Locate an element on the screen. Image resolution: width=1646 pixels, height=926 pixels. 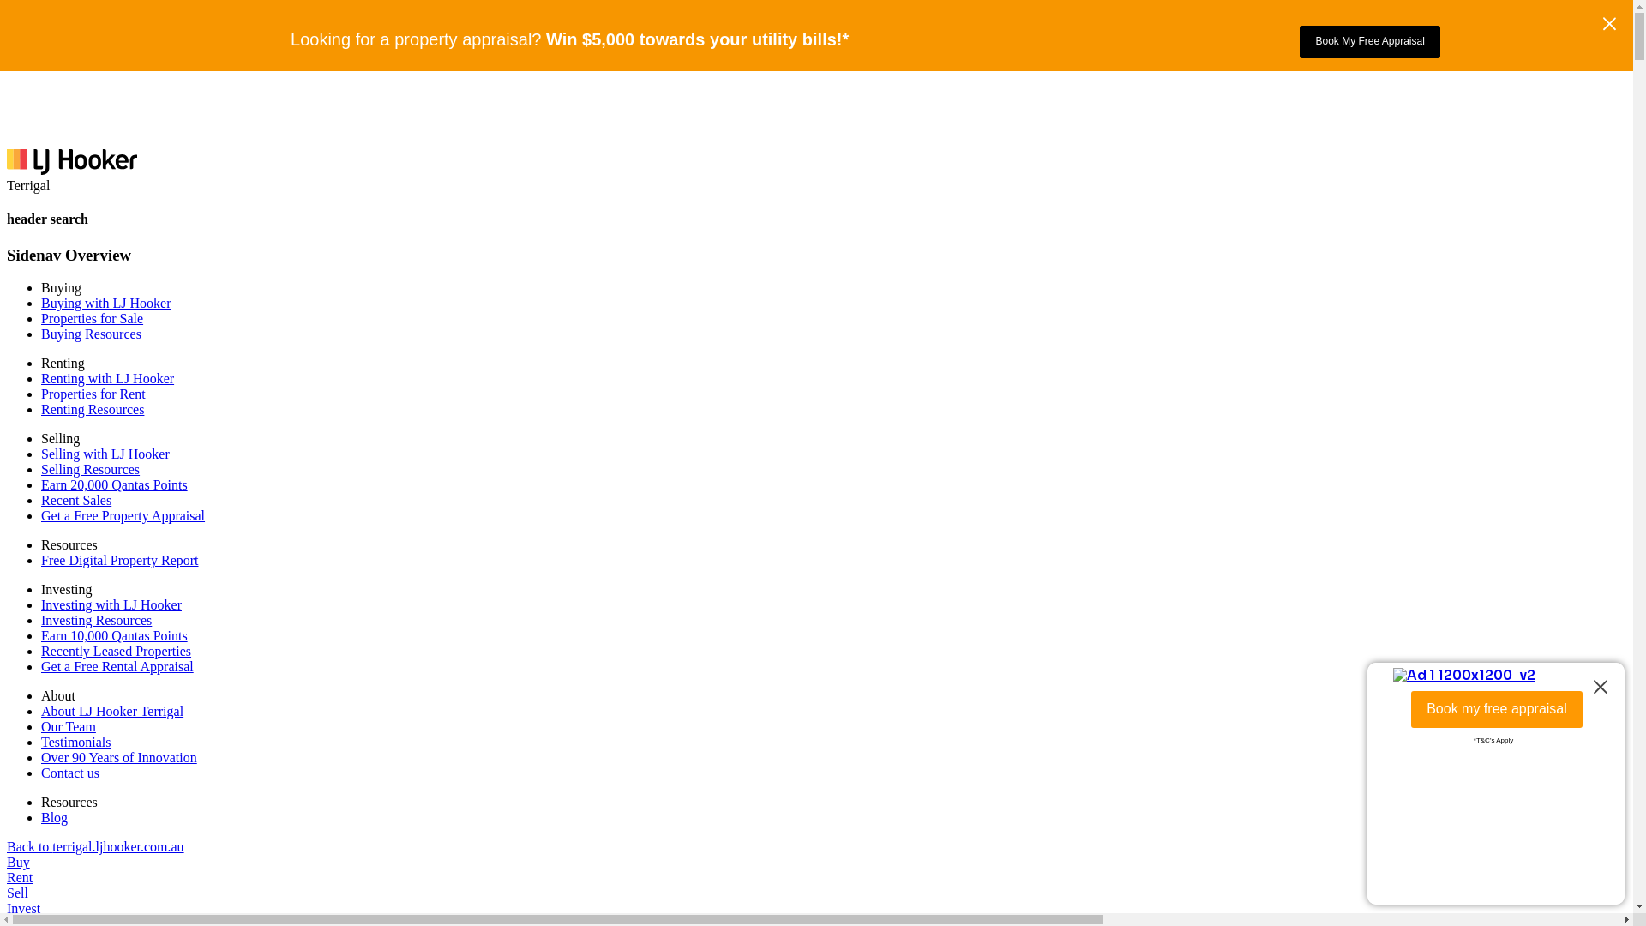
'Blog' is located at coordinates (54, 816).